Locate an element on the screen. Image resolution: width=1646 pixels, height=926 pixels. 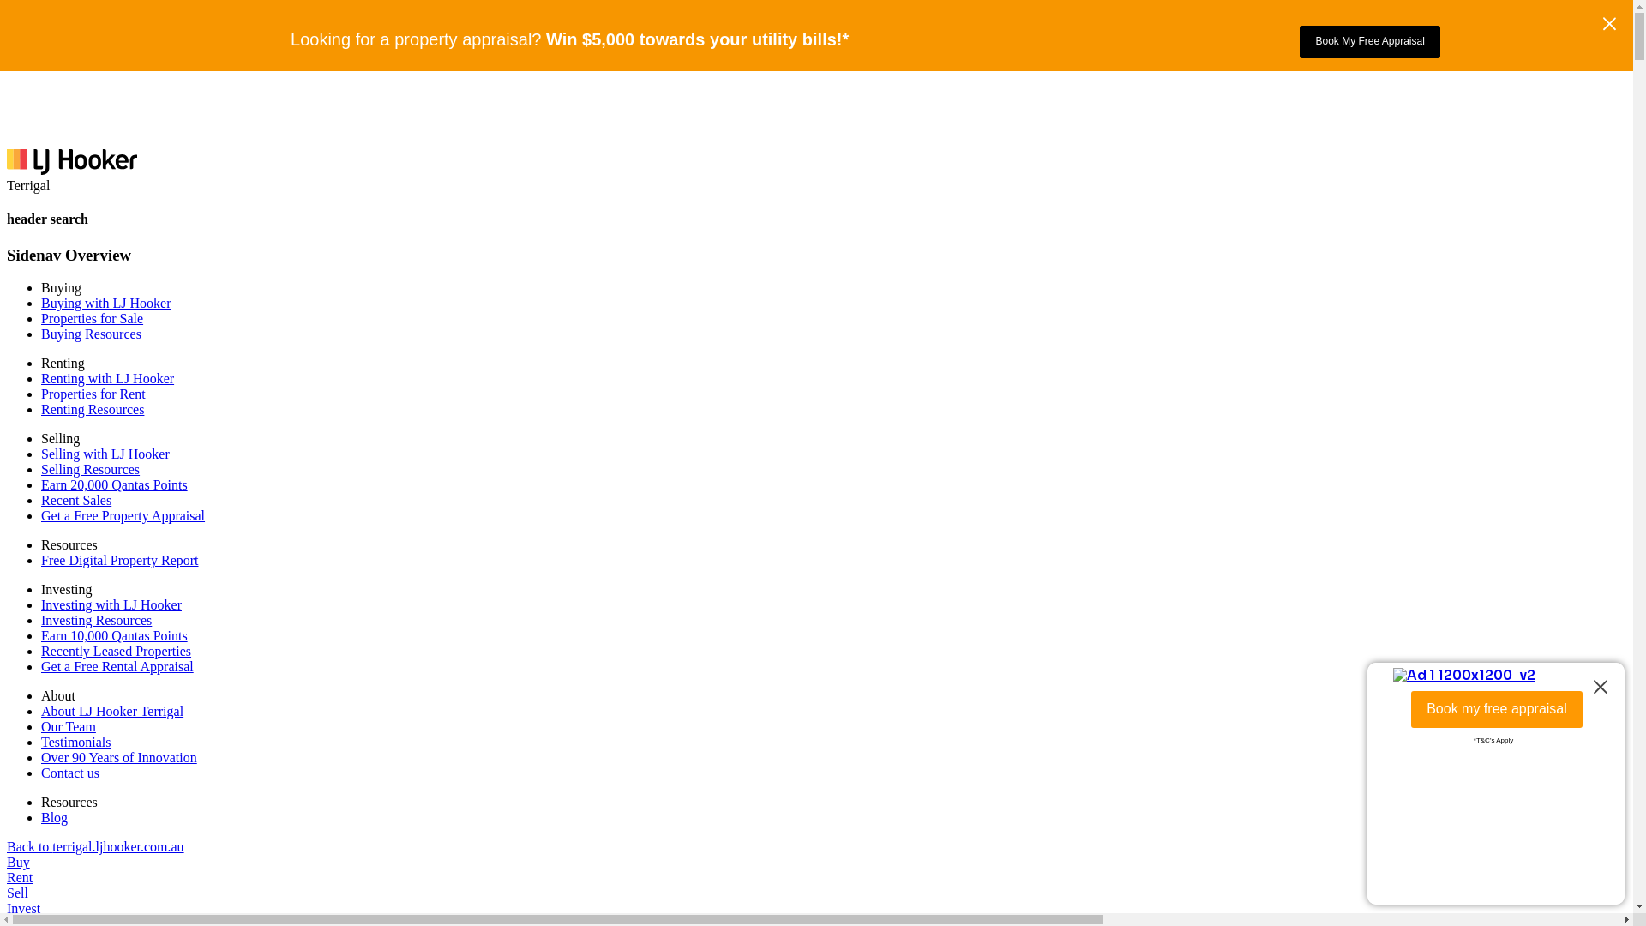
'Blog' is located at coordinates (54, 816).